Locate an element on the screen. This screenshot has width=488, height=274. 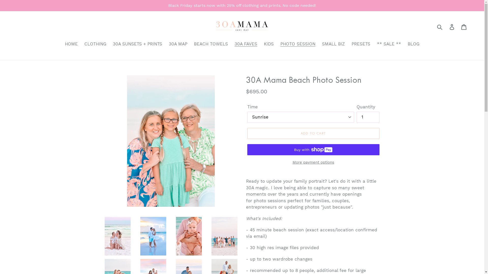
'BEACH TOWELS' is located at coordinates (211, 44).